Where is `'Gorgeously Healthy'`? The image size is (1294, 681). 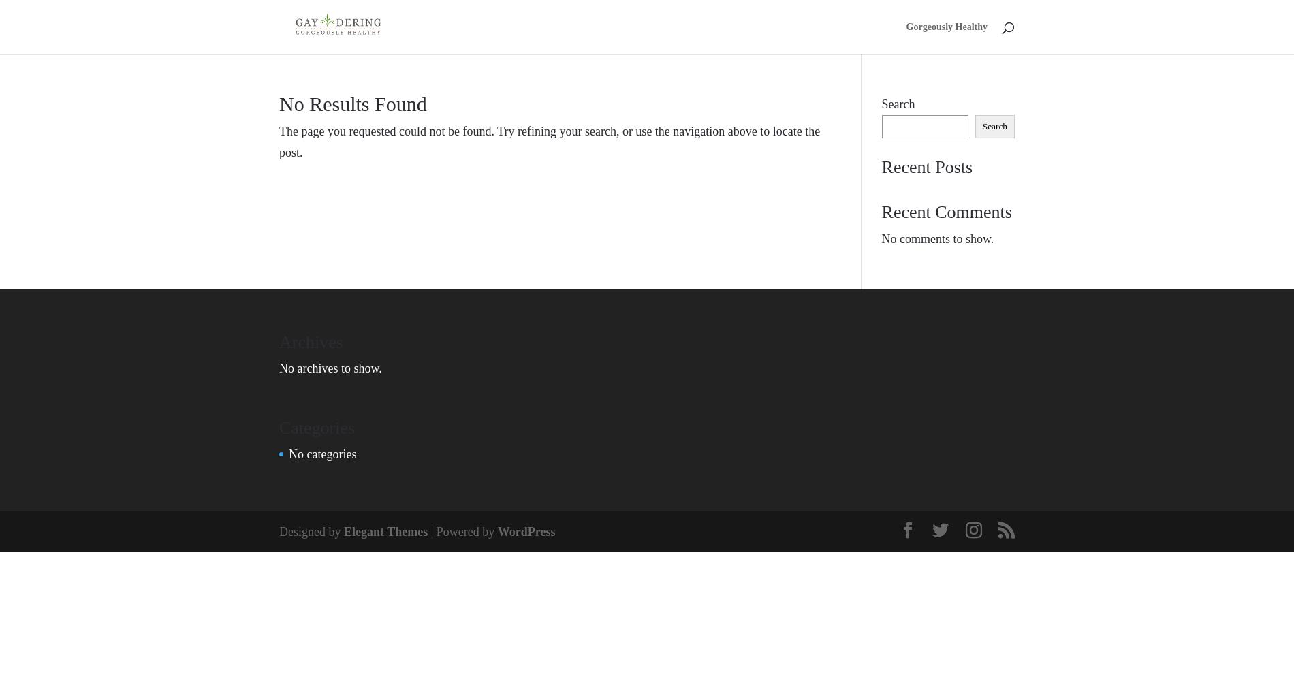 'Gorgeously Healthy' is located at coordinates (946, 27).